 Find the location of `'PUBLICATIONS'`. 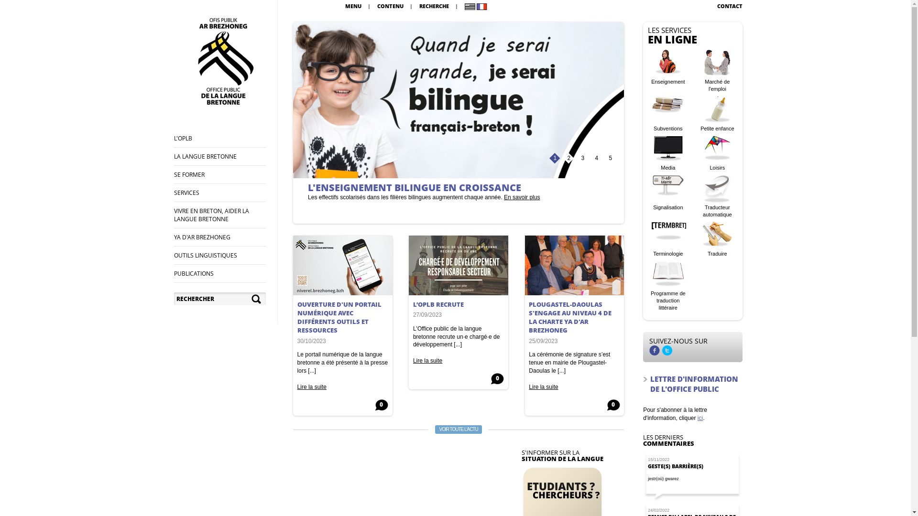

'PUBLICATIONS' is located at coordinates (193, 273).